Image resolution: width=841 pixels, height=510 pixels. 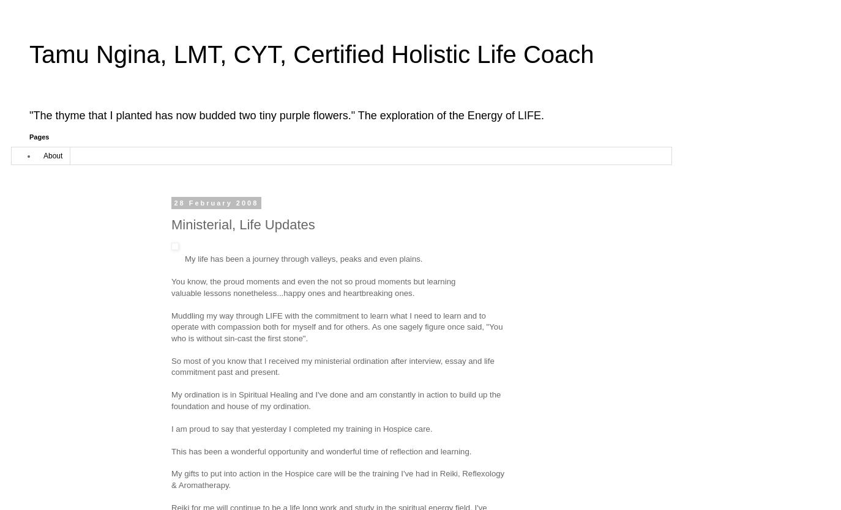 I want to click on 'valuable lessons nonetheless...happy ones and heartbreaking ones.', so click(x=171, y=292).